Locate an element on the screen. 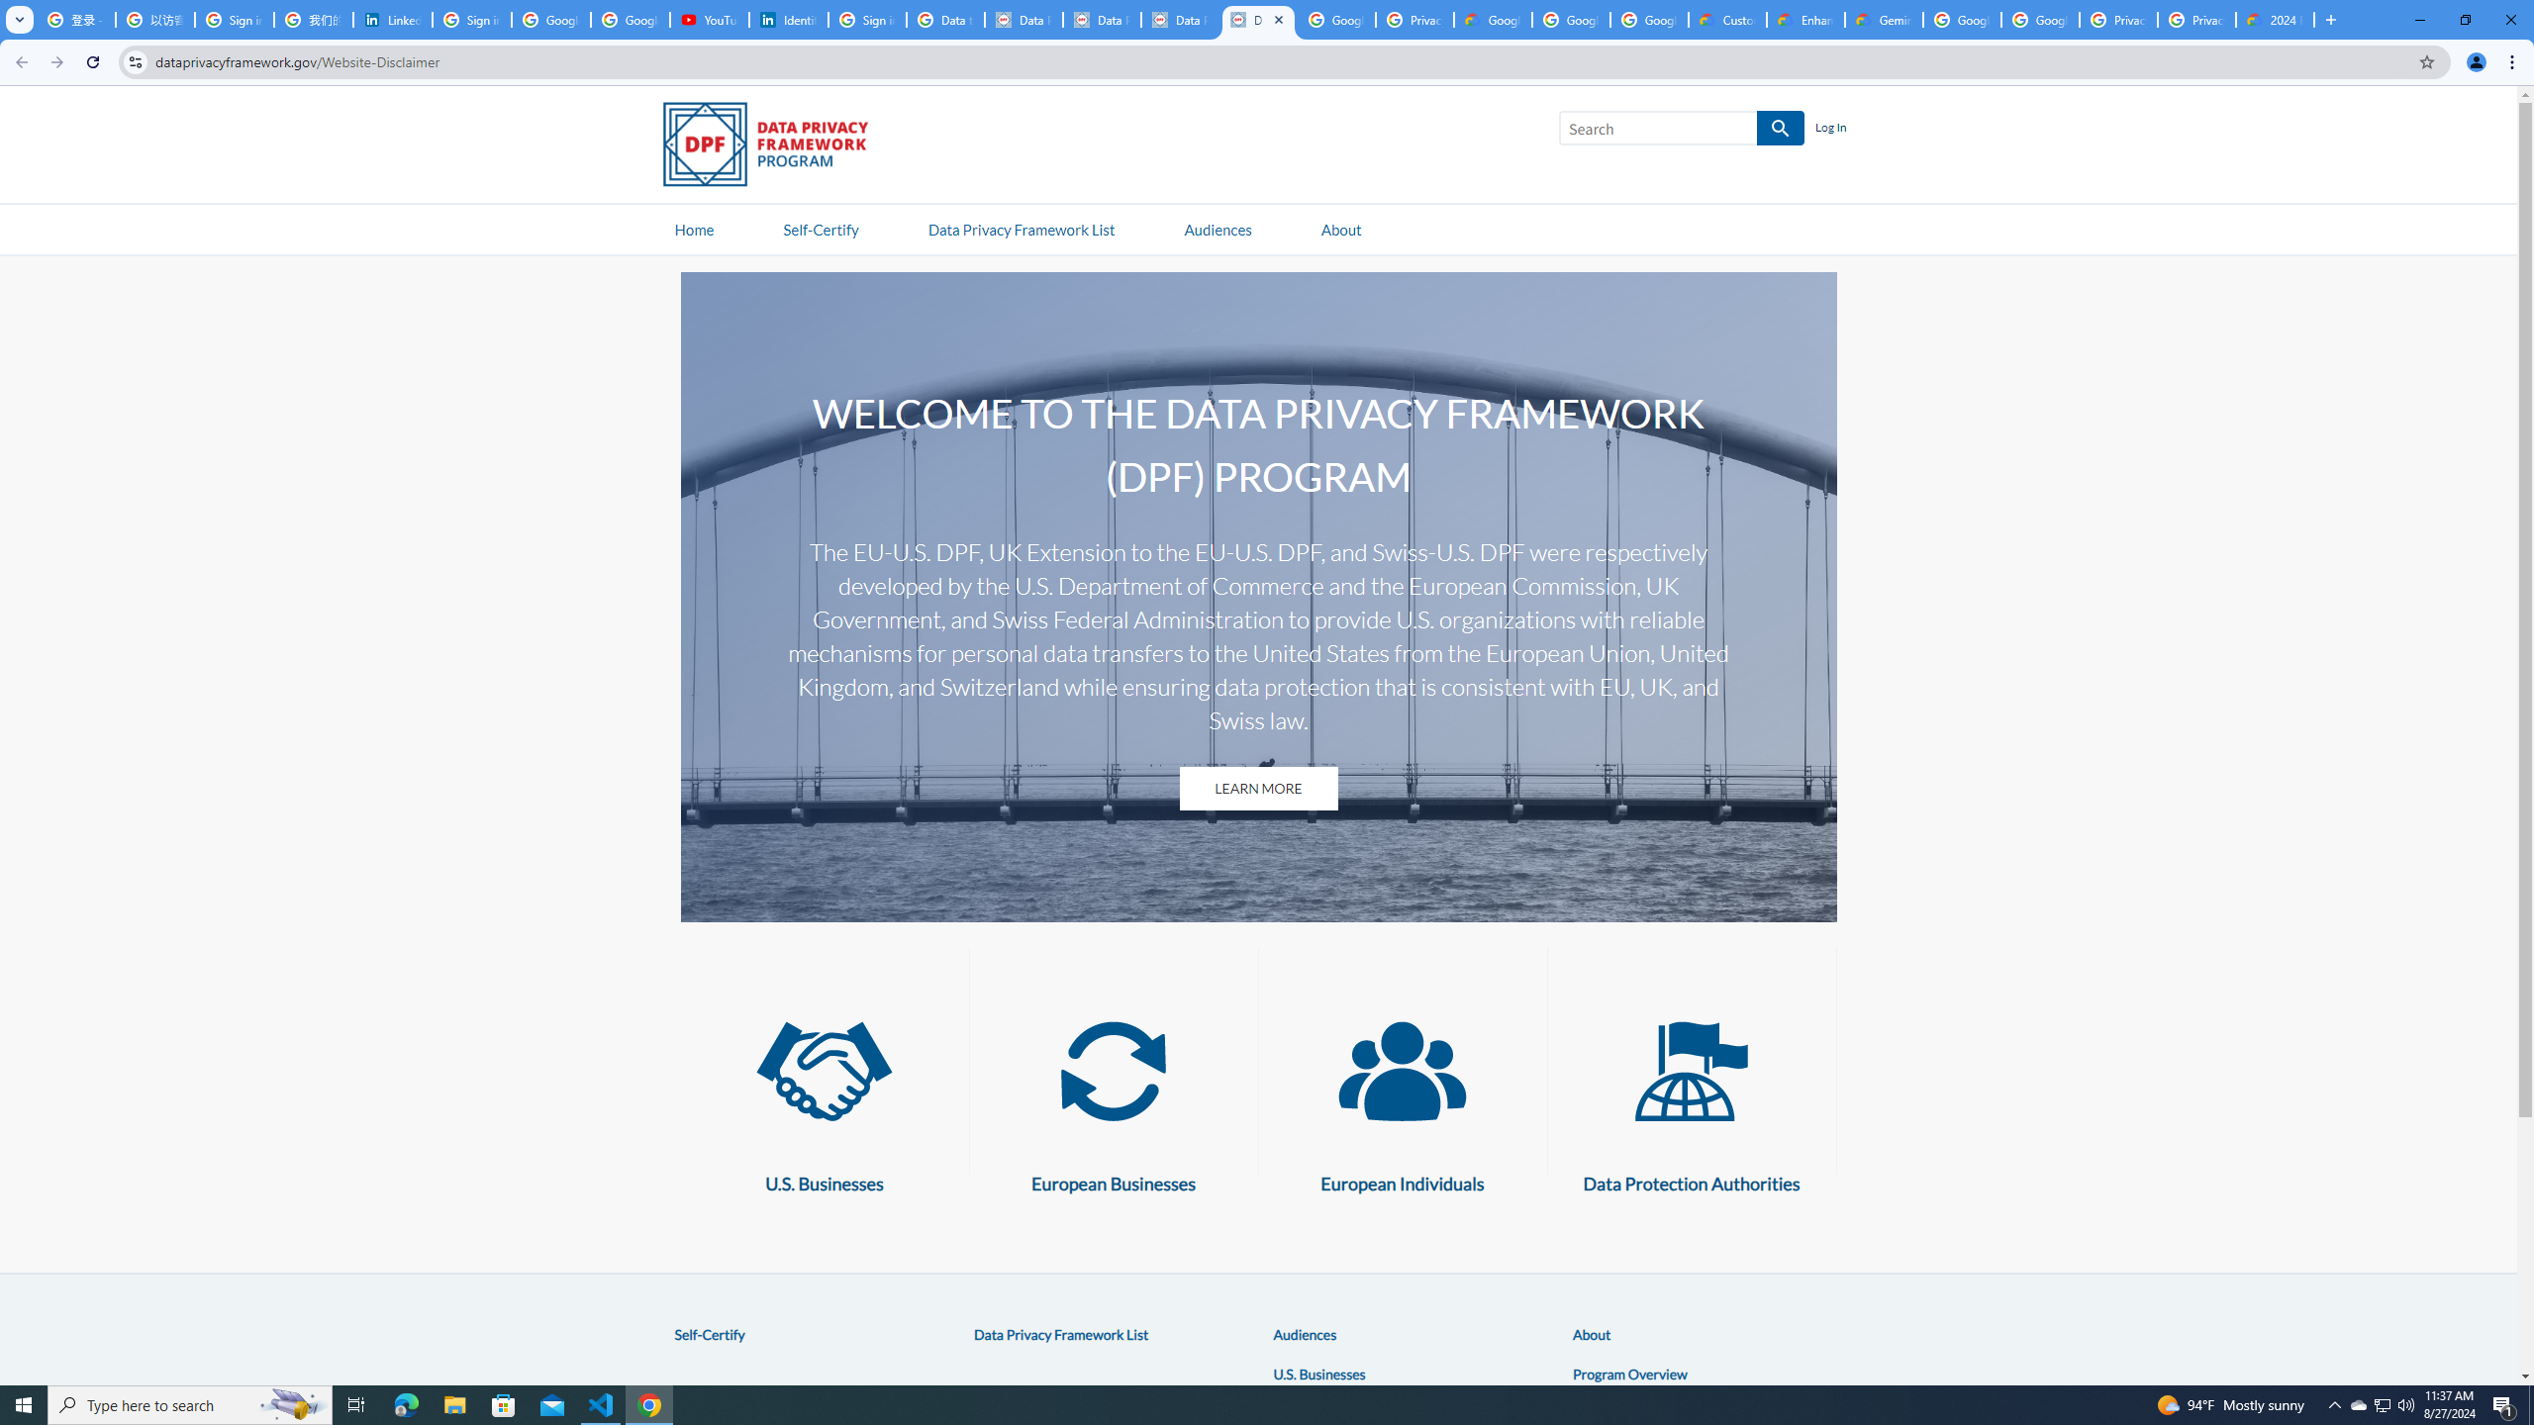 The height and width of the screenshot is (1425, 2534). 'Log In' is located at coordinates (1829, 128).